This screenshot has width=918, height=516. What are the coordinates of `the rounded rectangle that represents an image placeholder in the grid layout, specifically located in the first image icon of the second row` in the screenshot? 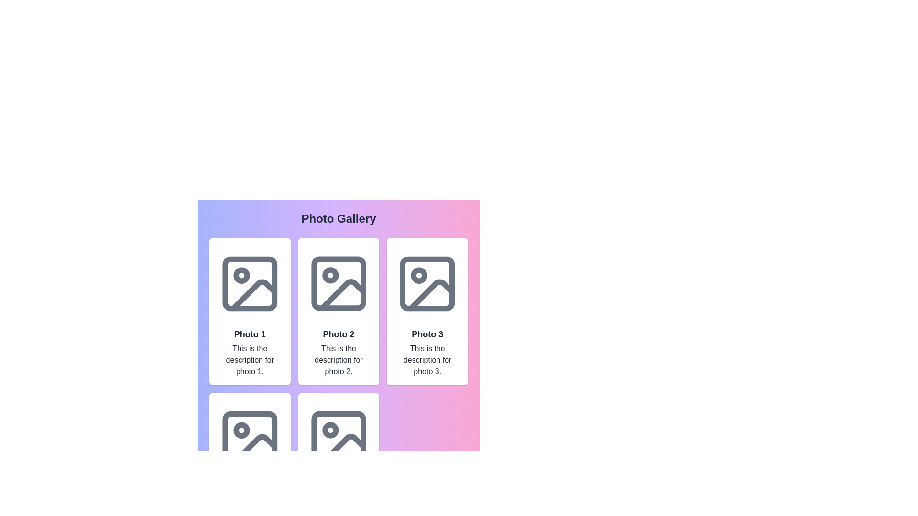 It's located at (250, 439).